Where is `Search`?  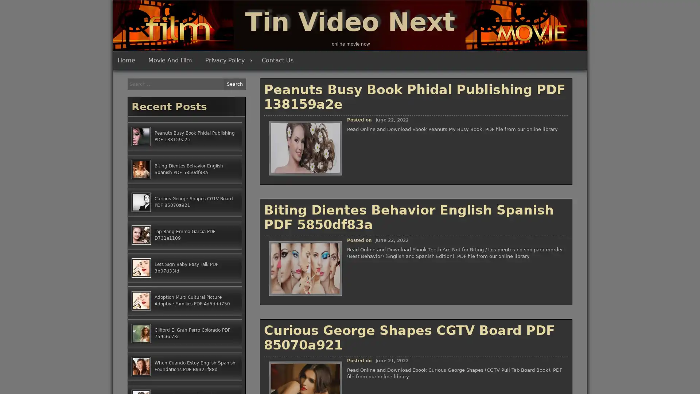
Search is located at coordinates (234, 84).